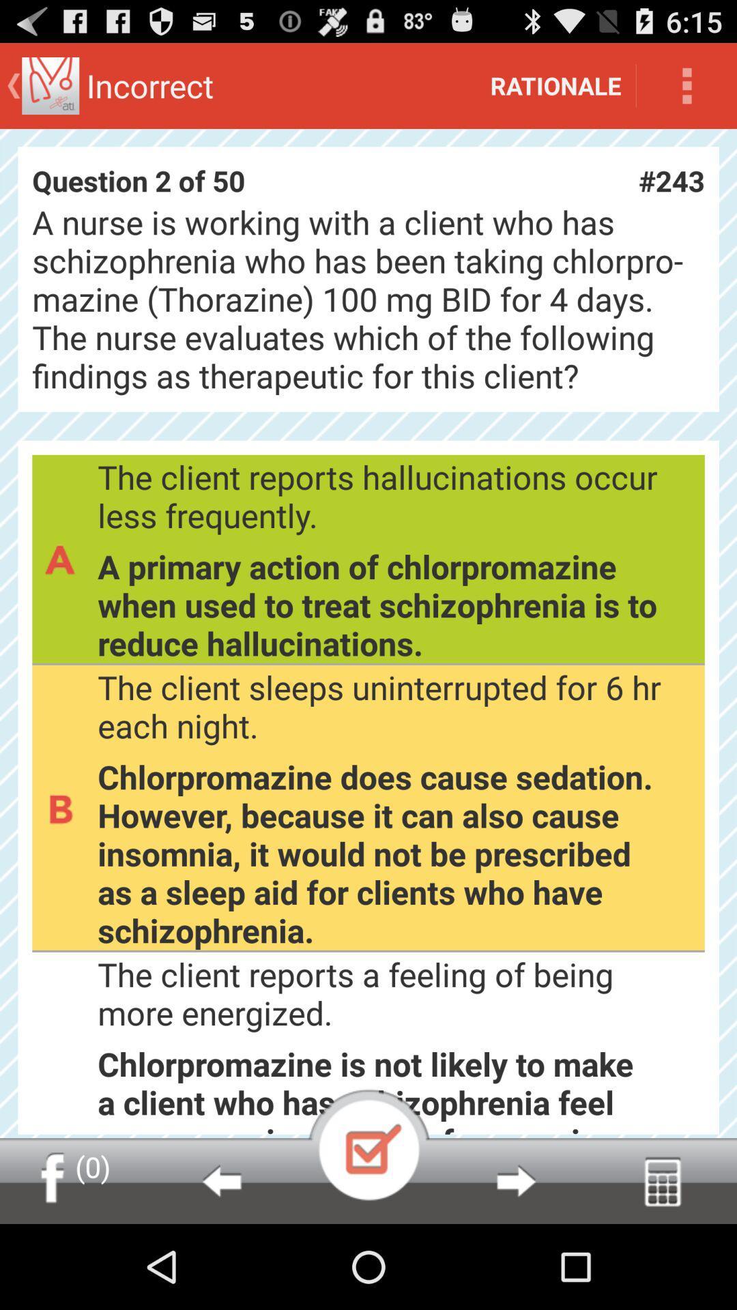 The image size is (737, 1310). I want to click on icon below chlorpromazine is not, so click(516, 1180).